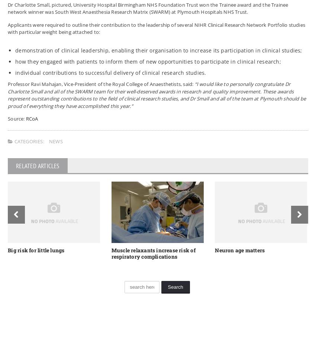  I want to click on 'demonstration of clinical leadership, enabling their organisation to increase its participation in clinical studies;', so click(158, 49).